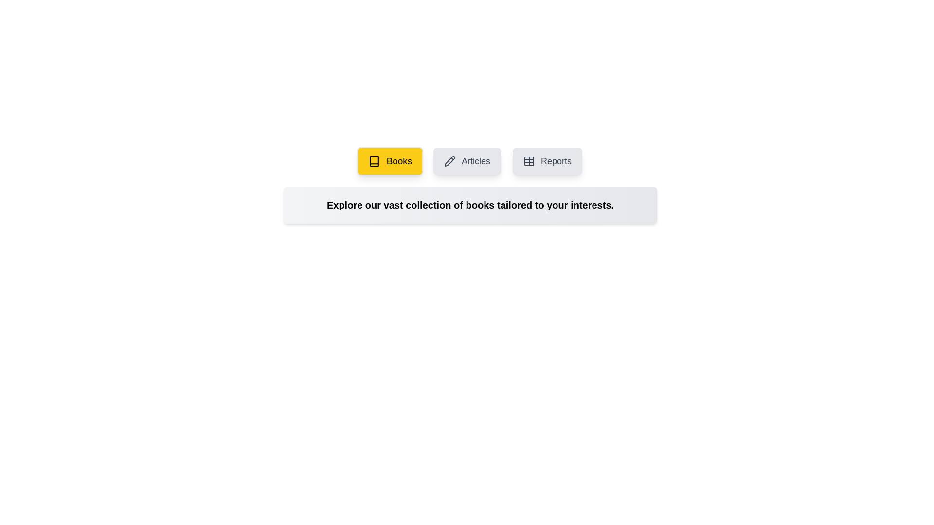 The image size is (934, 525). Describe the element at coordinates (470, 160) in the screenshot. I see `the Navigation menu buttons labeled 'Books', 'Articles', and 'Reports'` at that location.